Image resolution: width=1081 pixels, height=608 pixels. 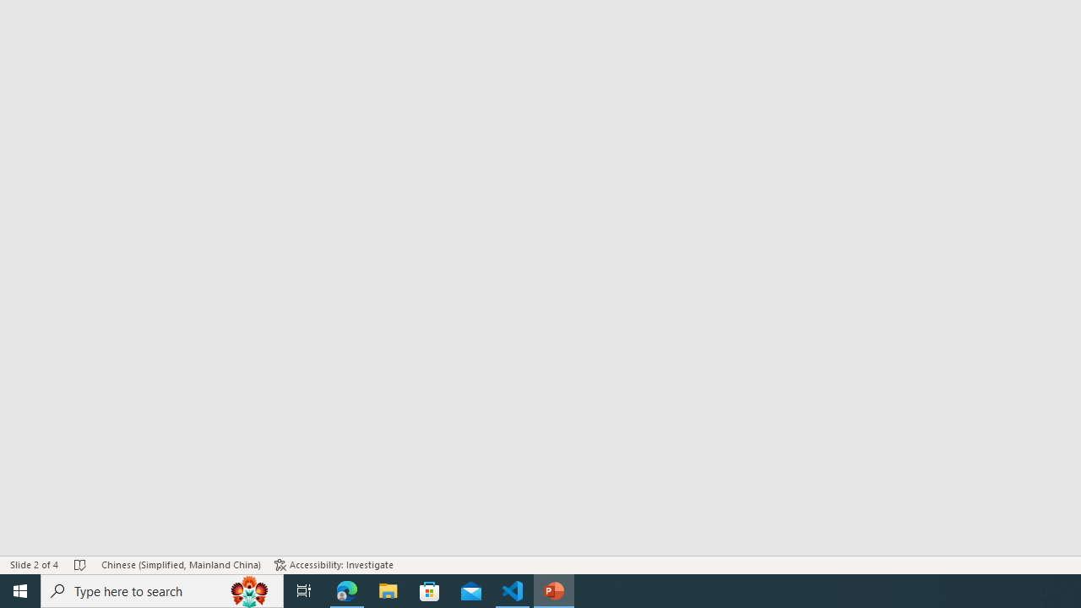 I want to click on 'Spell Check No Errors', so click(x=80, y=565).